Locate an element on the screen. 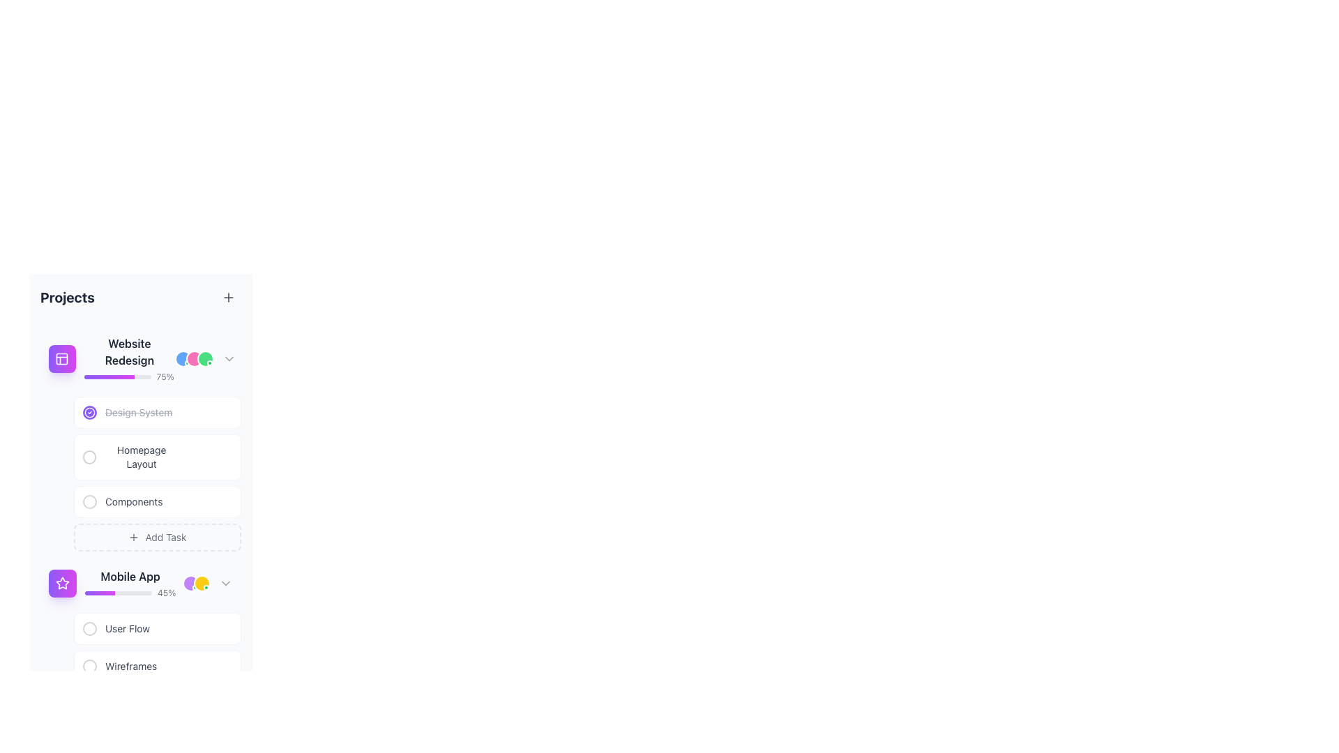 Image resolution: width=1339 pixels, height=753 pixels. the SVG icon that symbolizes the 'Mobile App' project entry by moving the cursor to its center is located at coordinates (62, 584).